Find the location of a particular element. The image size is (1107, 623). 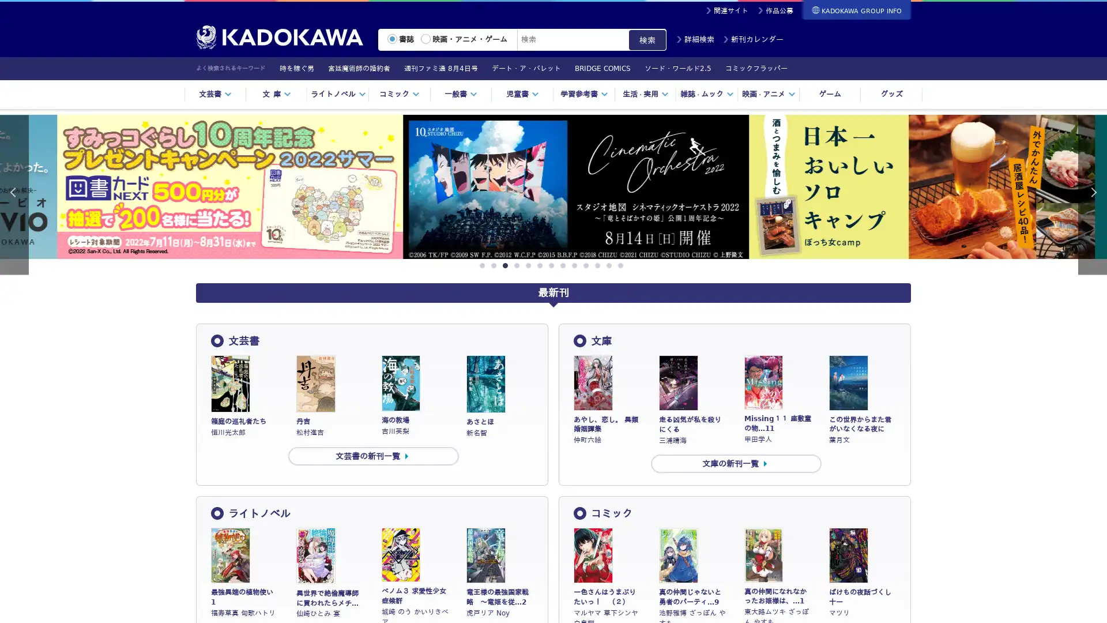

? 7 is located at coordinates (615, 87).